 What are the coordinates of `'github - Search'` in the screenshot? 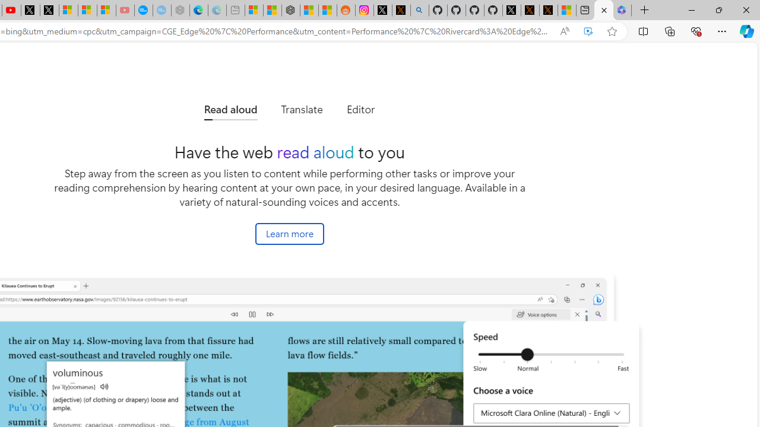 It's located at (420, 10).